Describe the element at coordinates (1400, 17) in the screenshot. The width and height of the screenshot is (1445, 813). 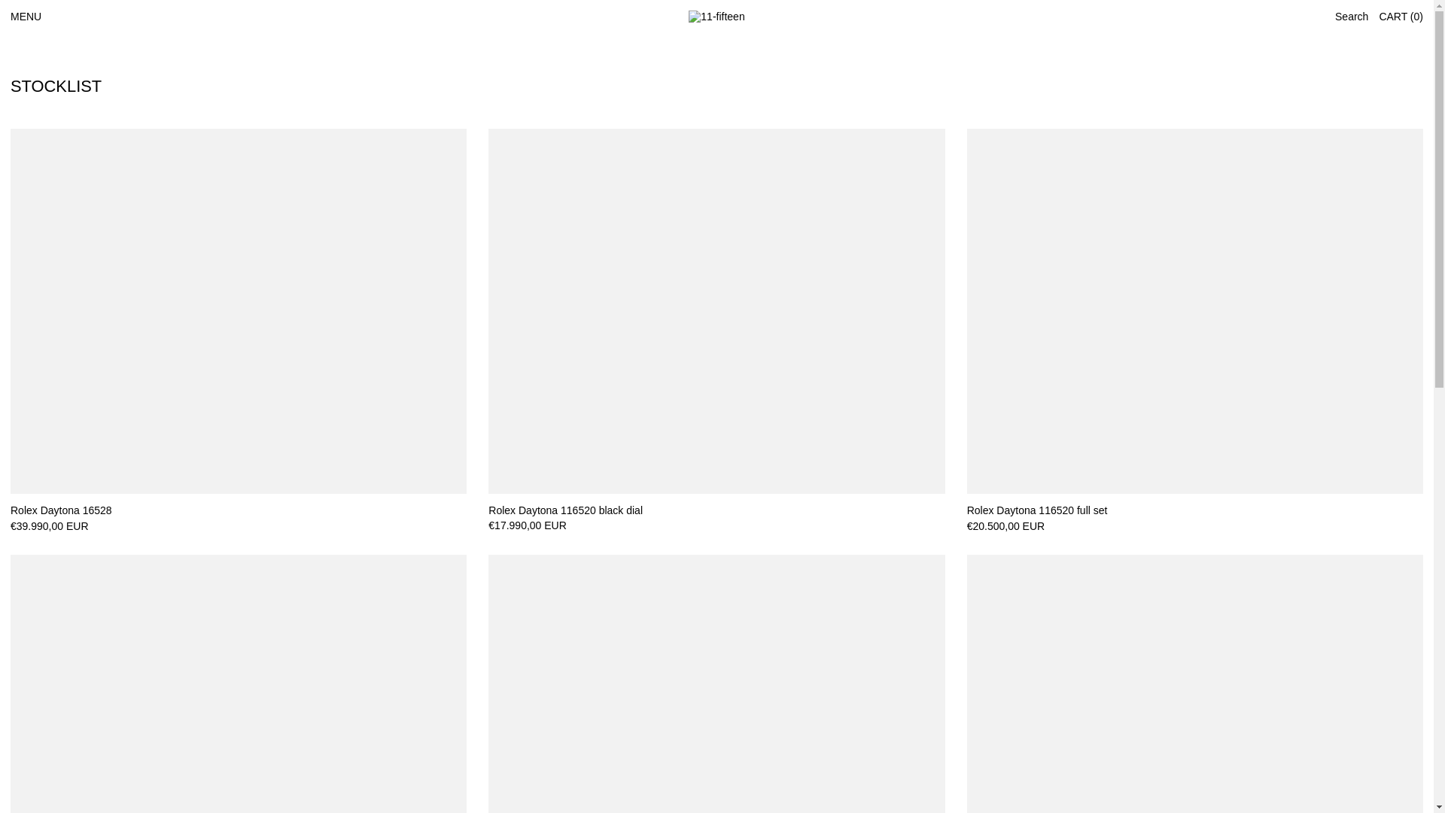
I see `'CART (0)'` at that location.